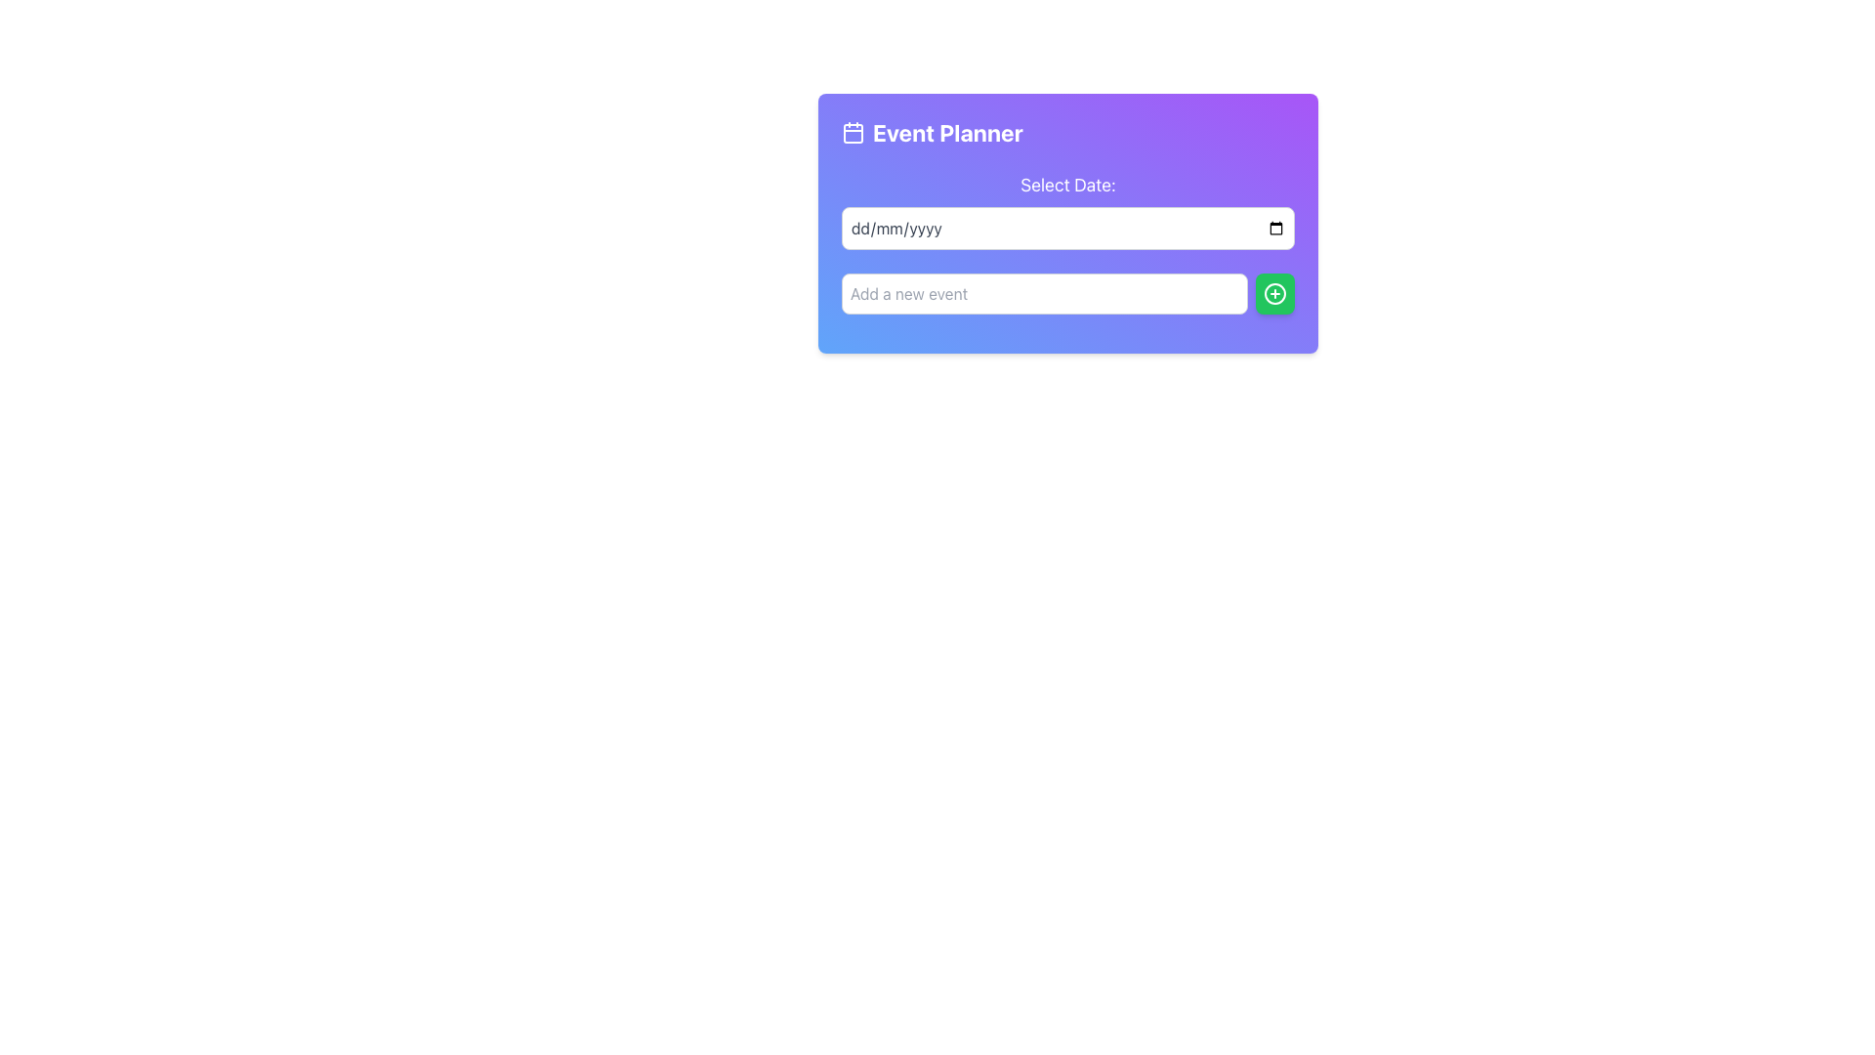  What do you see at coordinates (1274, 293) in the screenshot?
I see `the circular SVG button icon with a plus sign` at bounding box center [1274, 293].